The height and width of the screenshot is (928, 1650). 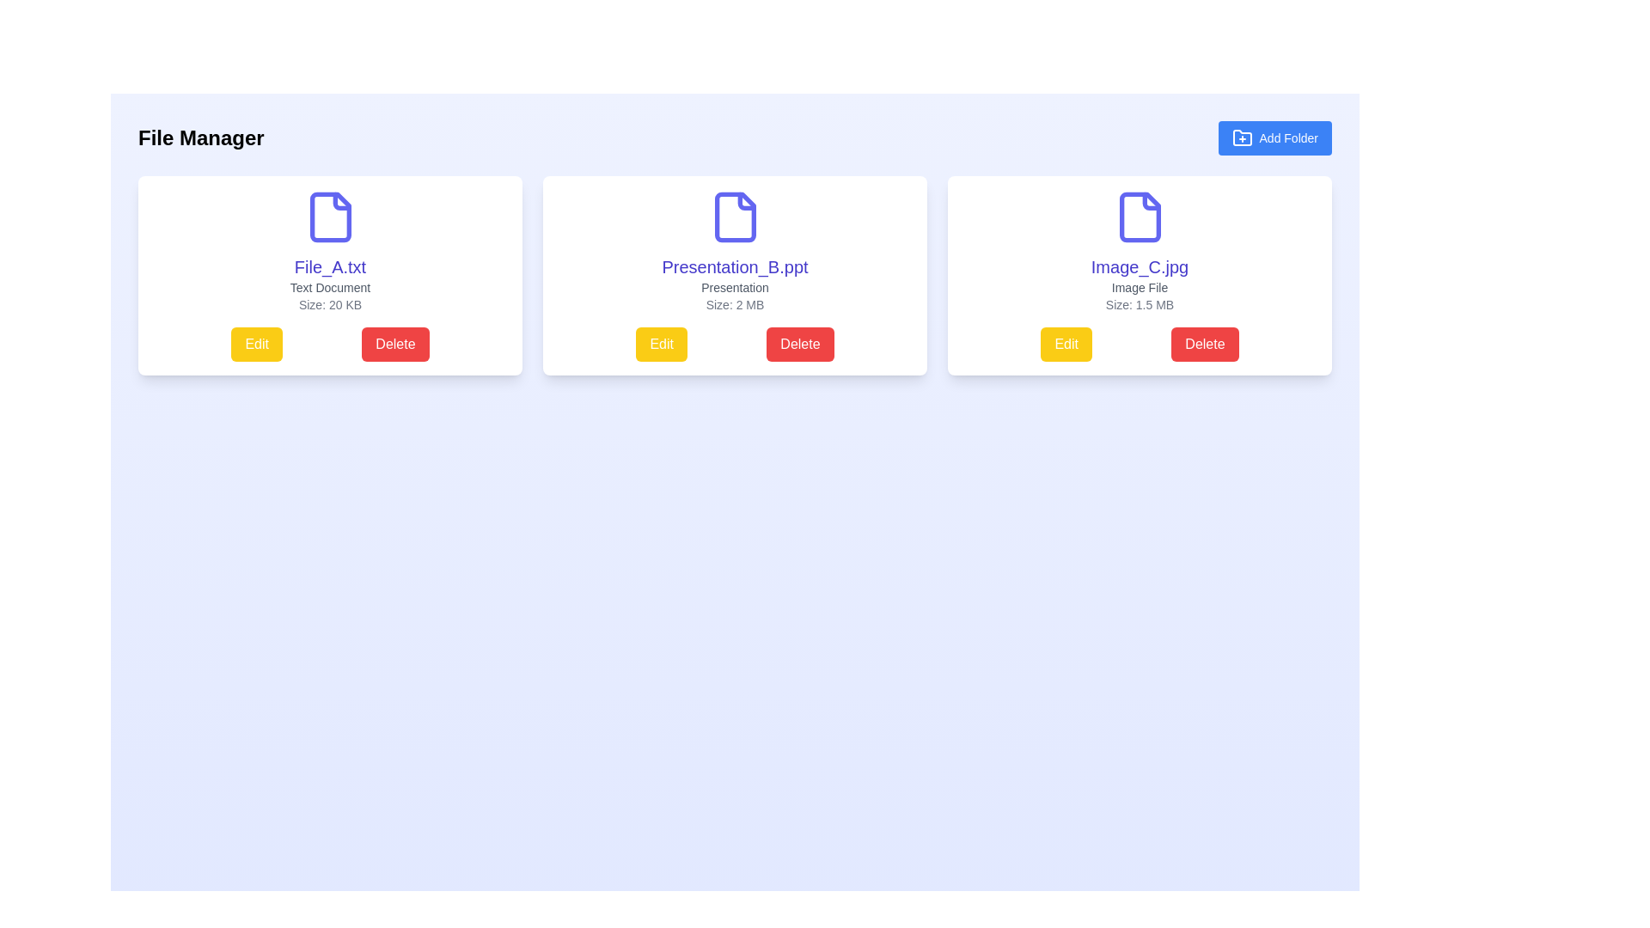 I want to click on the document icon located at the top-center of the first card in the 'File Manager' interface, so click(x=330, y=217).